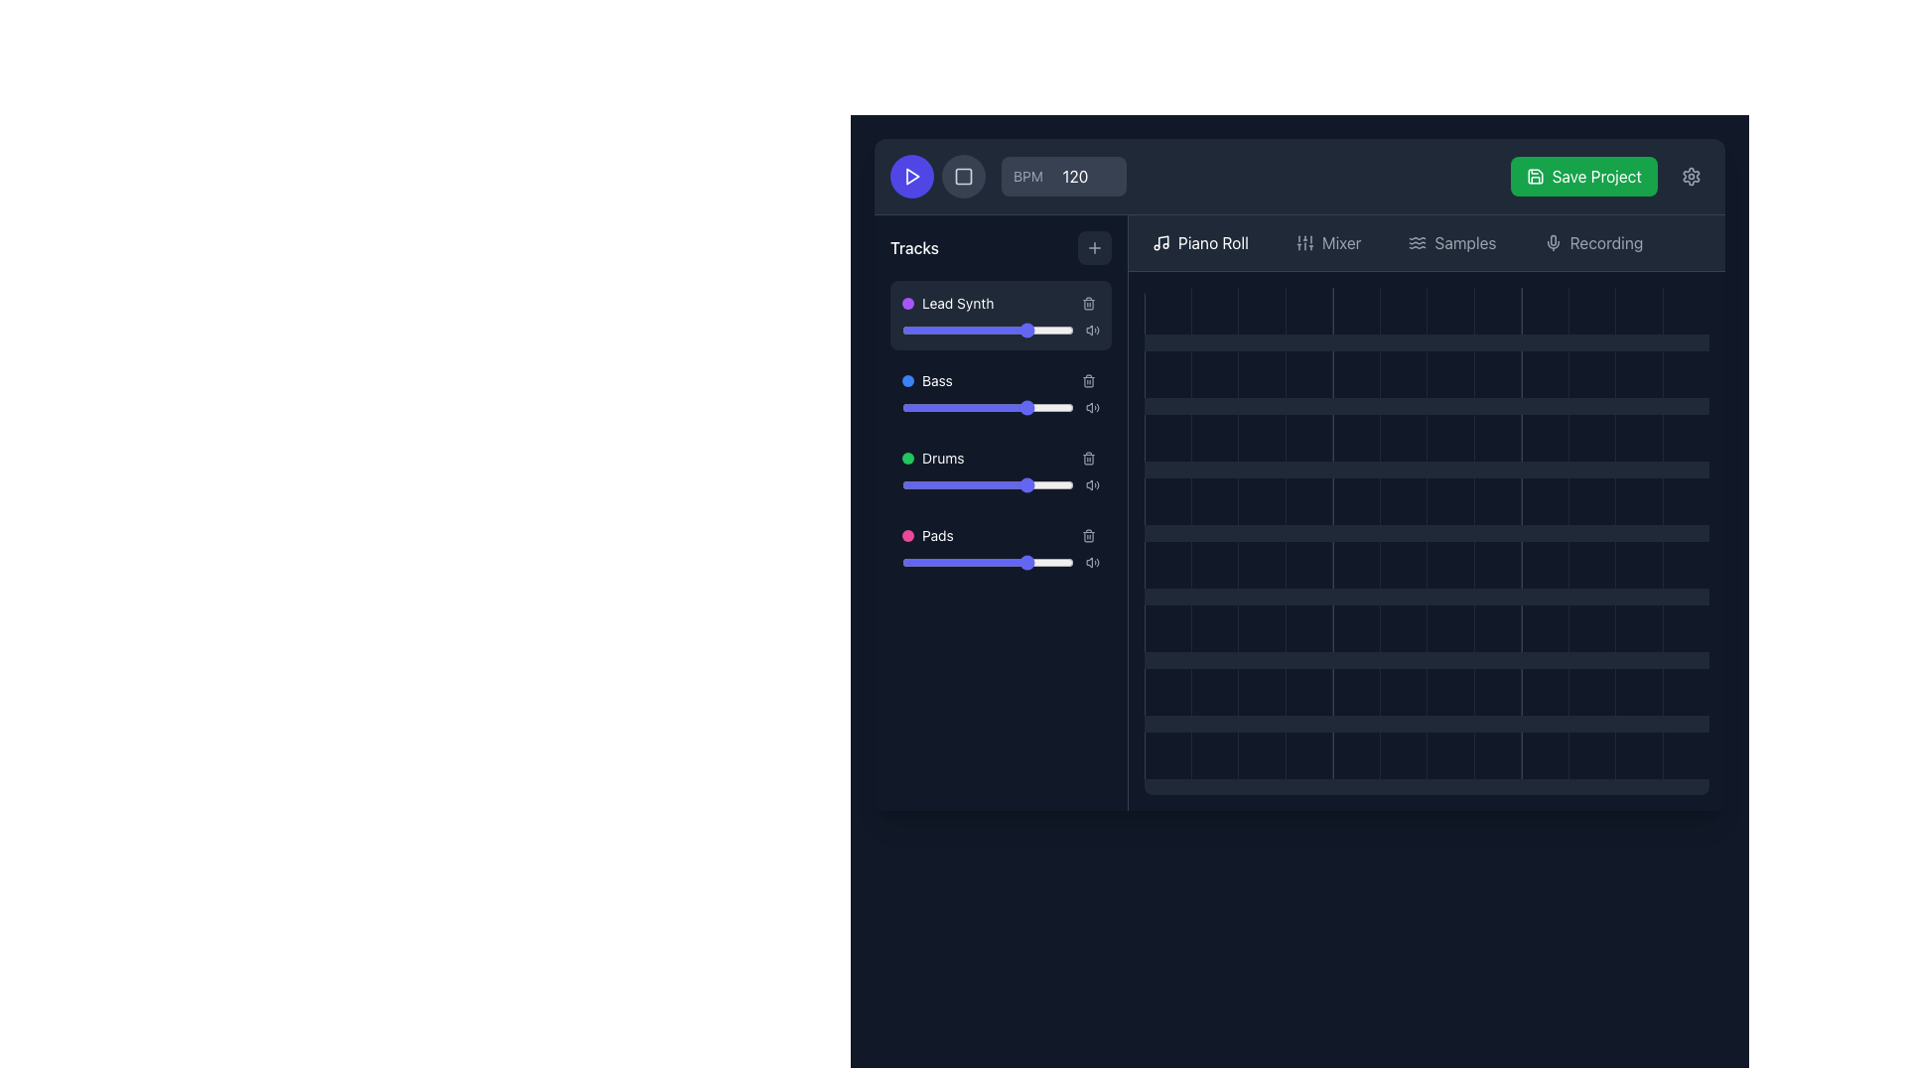 This screenshot has height=1072, width=1906. What do you see at coordinates (1062, 563) in the screenshot?
I see `the slider` at bounding box center [1062, 563].